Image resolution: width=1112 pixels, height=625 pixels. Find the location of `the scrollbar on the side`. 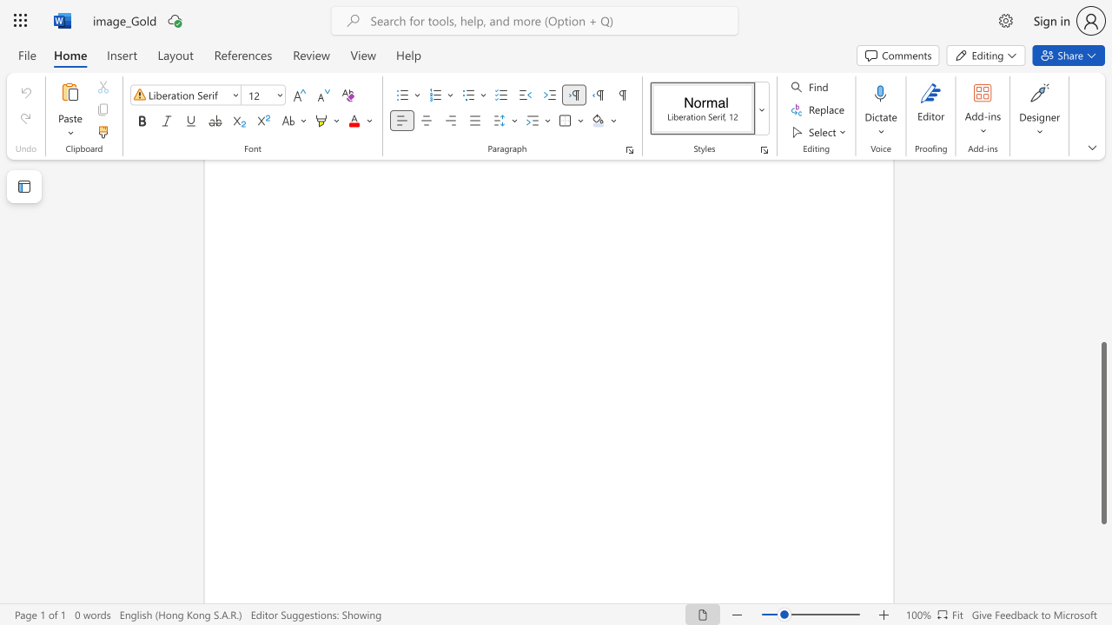

the scrollbar on the side is located at coordinates (1102, 312).